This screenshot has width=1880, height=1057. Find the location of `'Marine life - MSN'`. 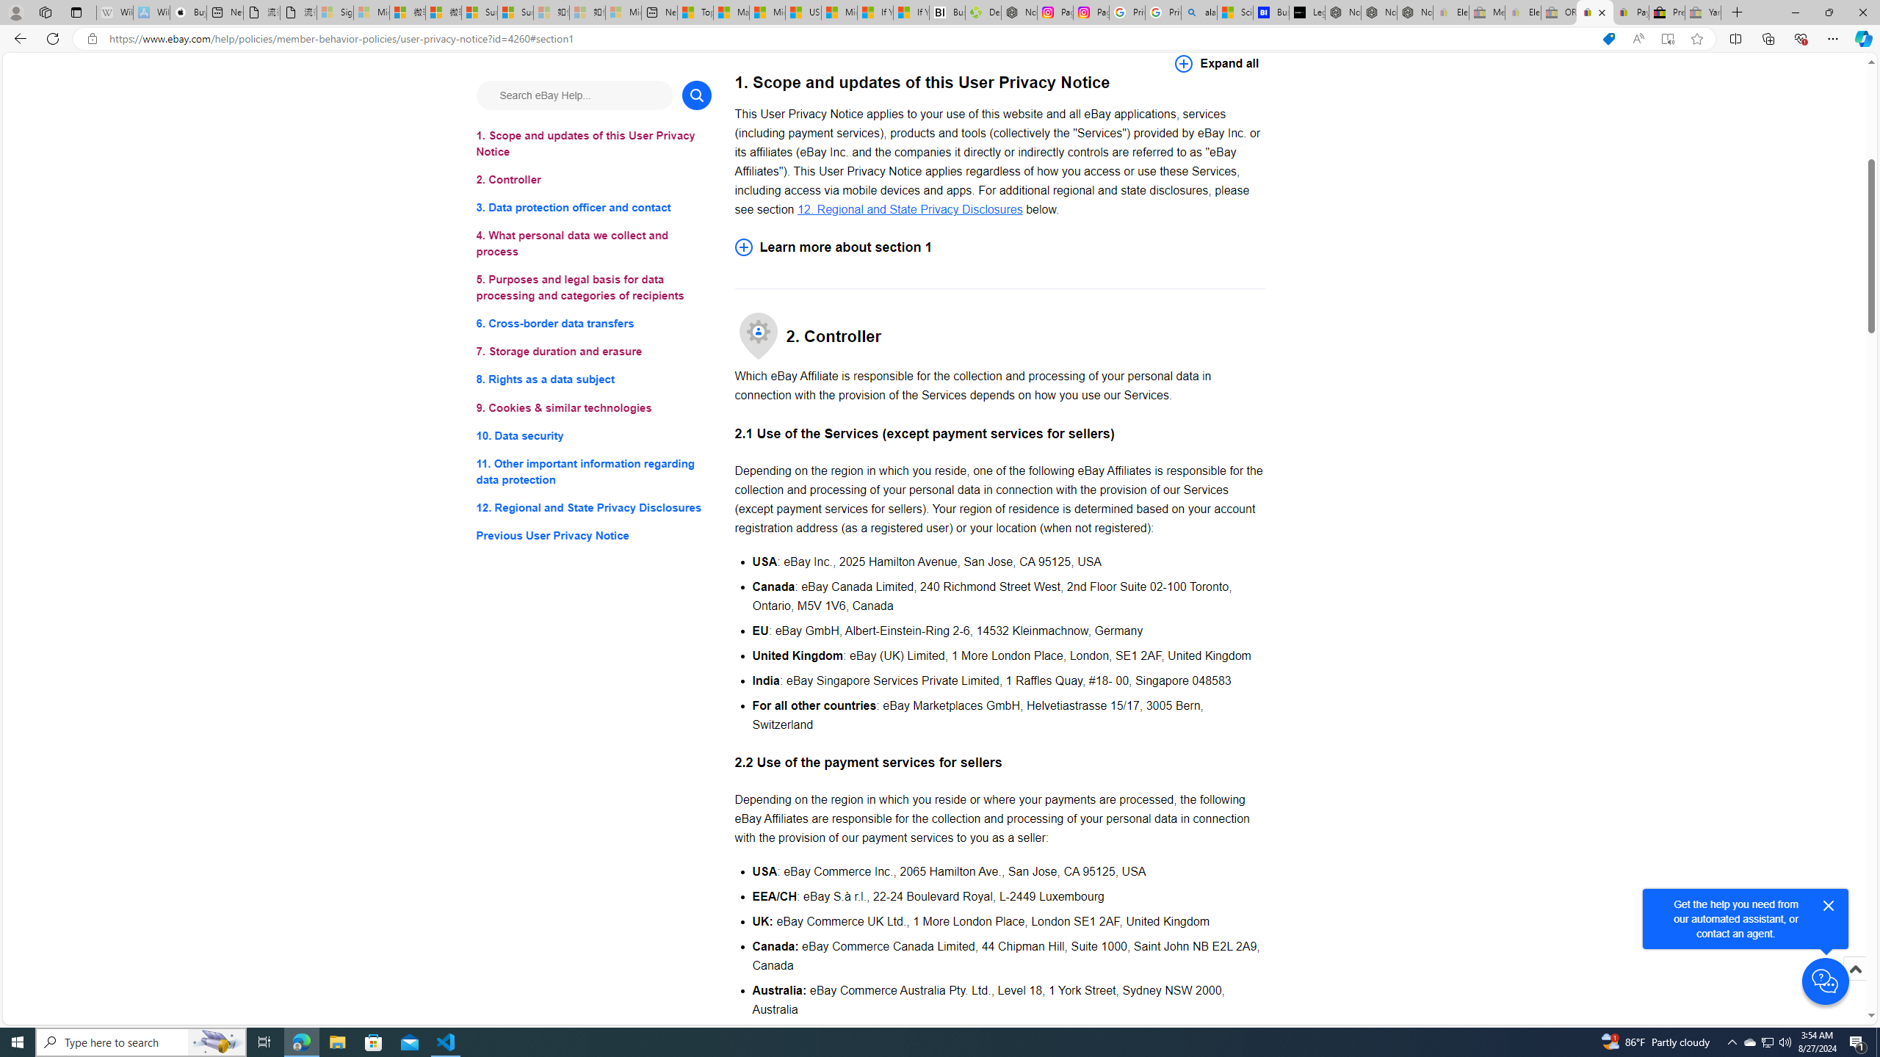

'Marine life - MSN' is located at coordinates (730, 12).